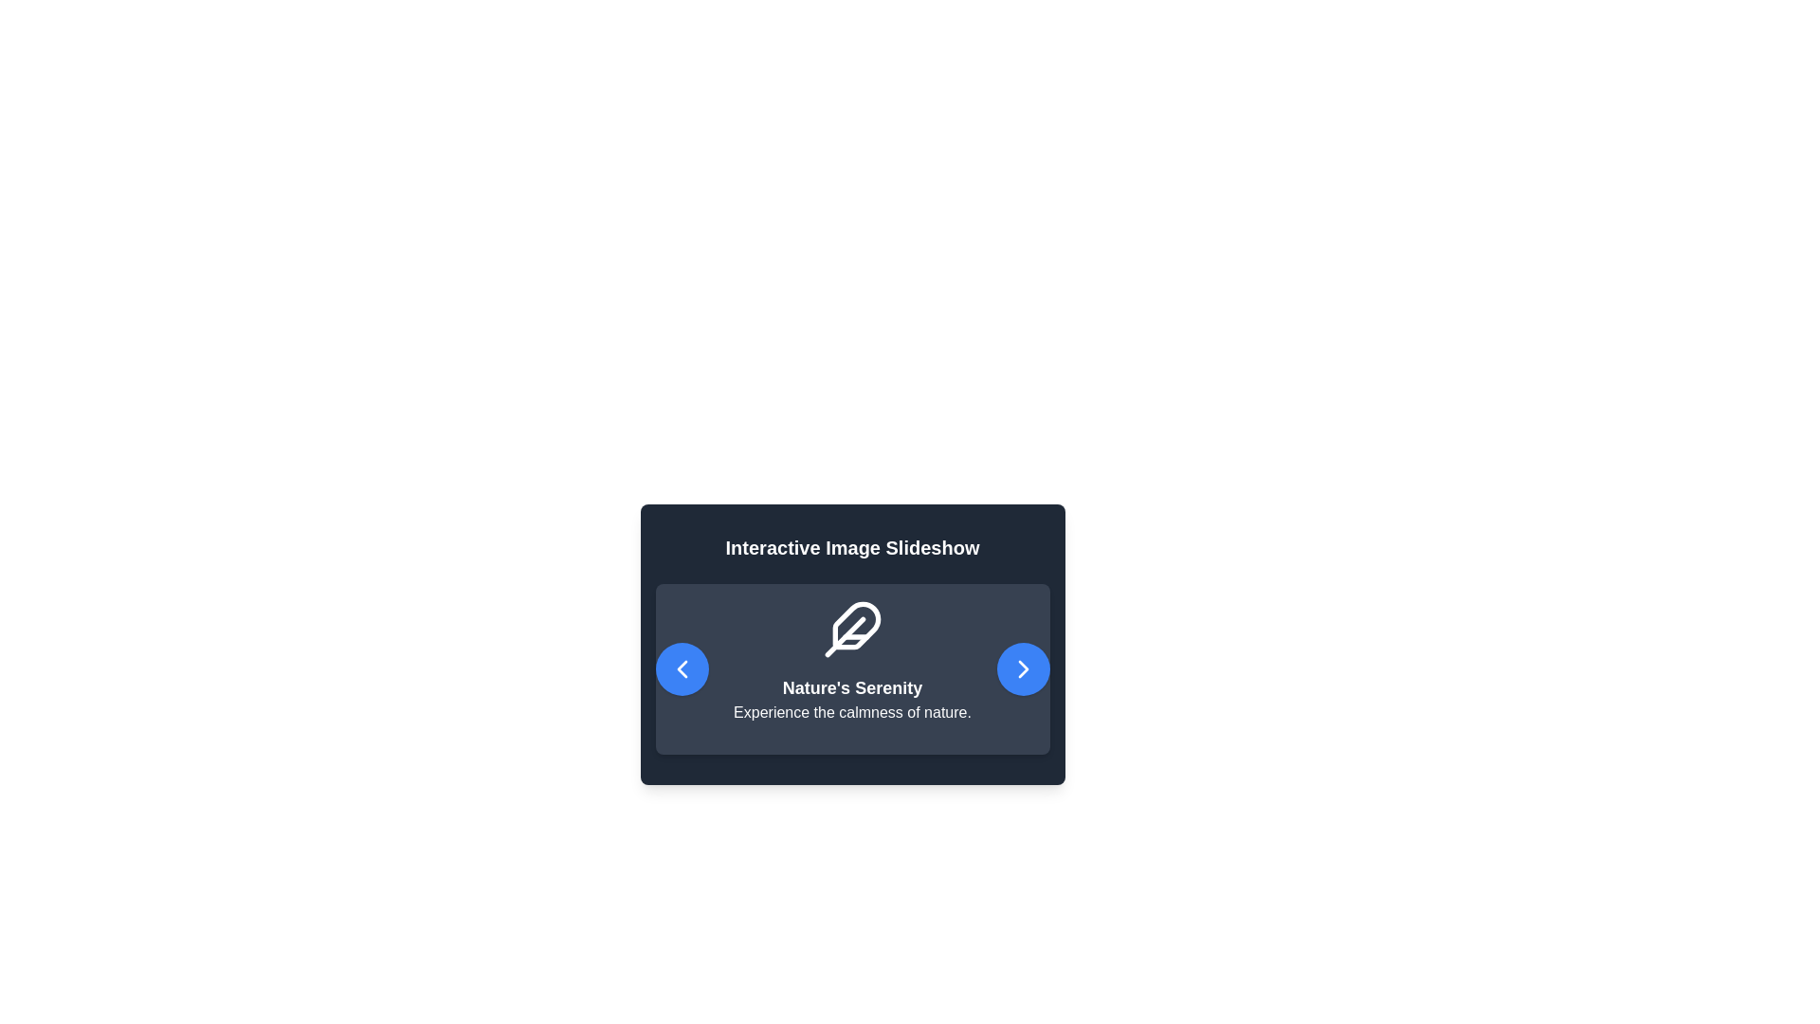  What do you see at coordinates (851, 713) in the screenshot?
I see `text block that contains the phrase 'Experience the calmness of nature.' which is displayed in white on a dark background, located underneath the title 'Nature's Serenity.'` at bounding box center [851, 713].